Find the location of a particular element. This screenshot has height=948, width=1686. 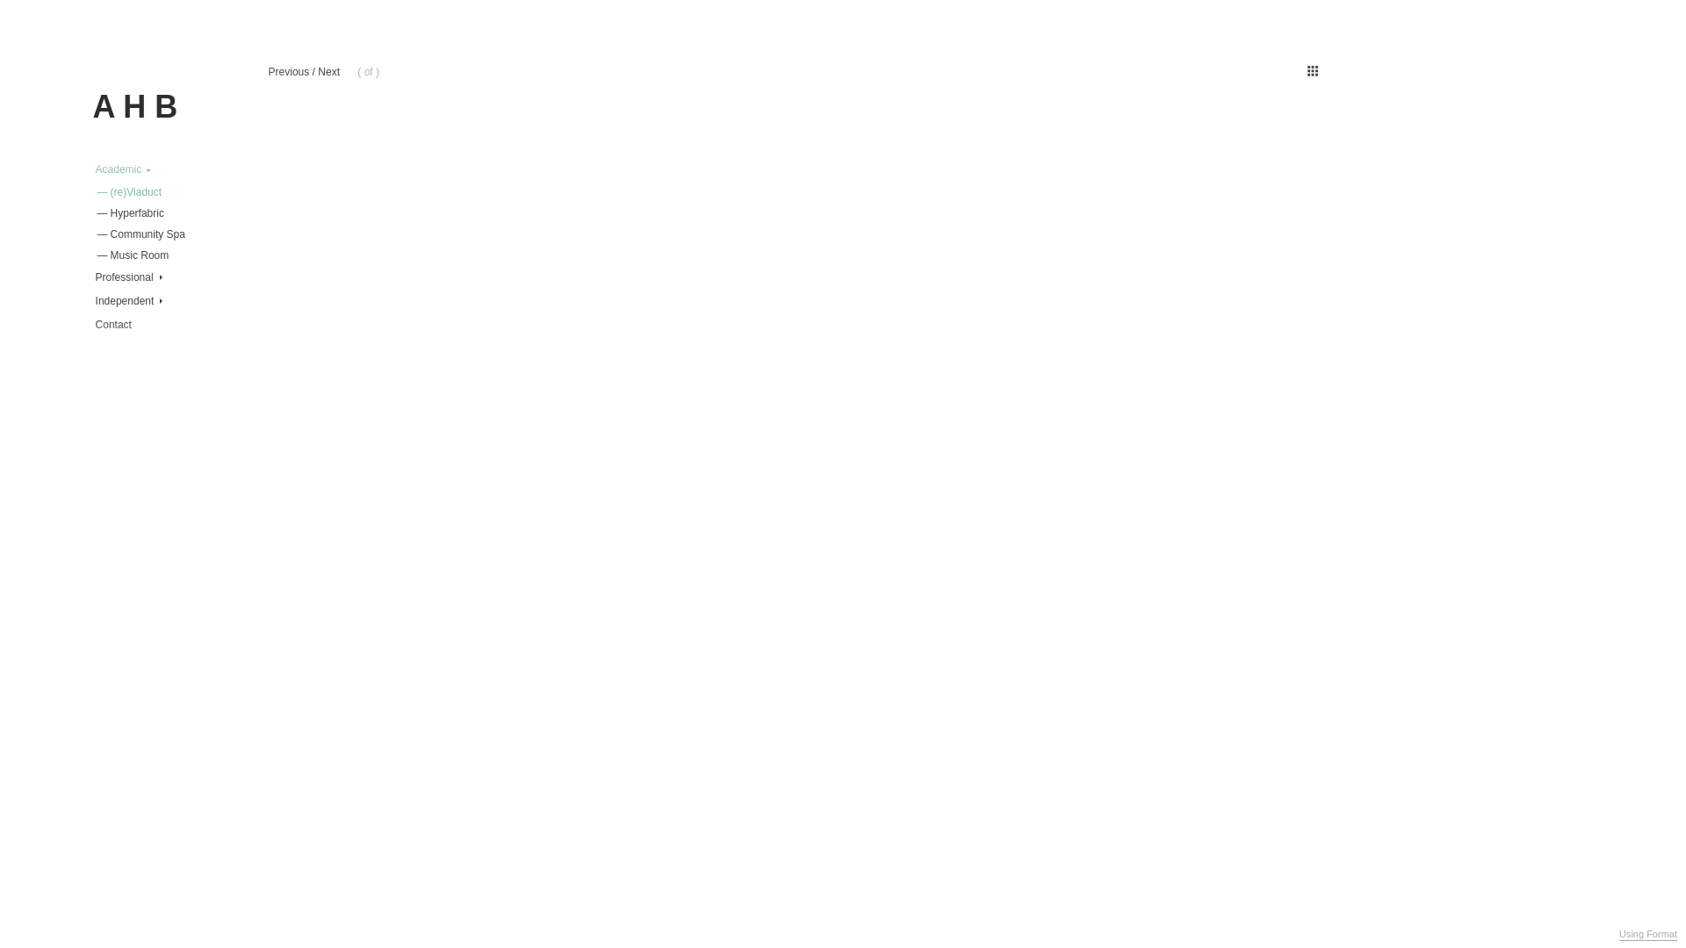

'Contact' is located at coordinates (113, 325).